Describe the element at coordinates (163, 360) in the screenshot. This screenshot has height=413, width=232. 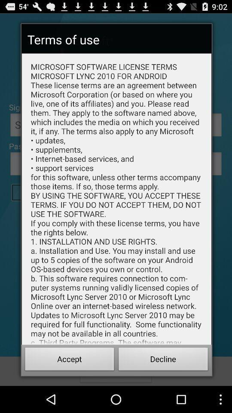
I see `the decline at the bottom right corner` at that location.